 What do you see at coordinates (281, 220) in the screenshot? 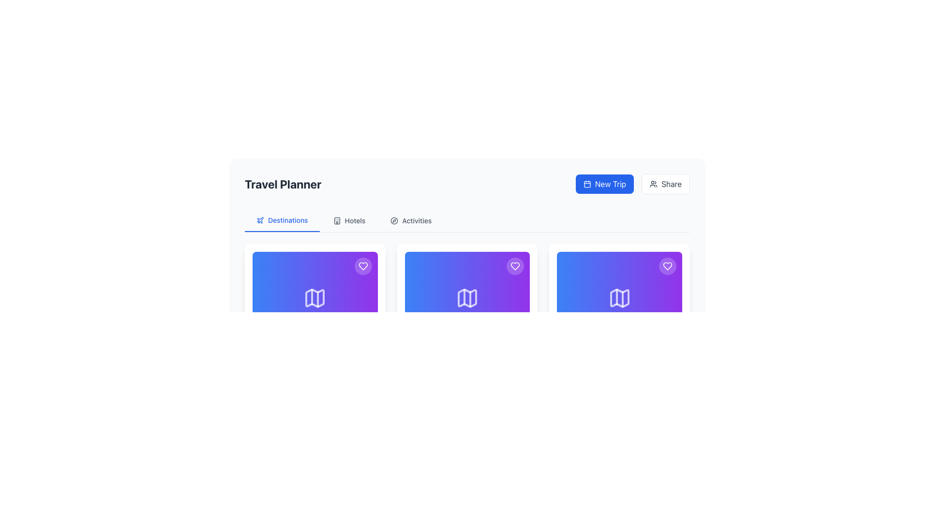
I see `the leftmost navigation tab in the horizontal navigation bar at the top of the page, which redirects to destination options or information` at bounding box center [281, 220].